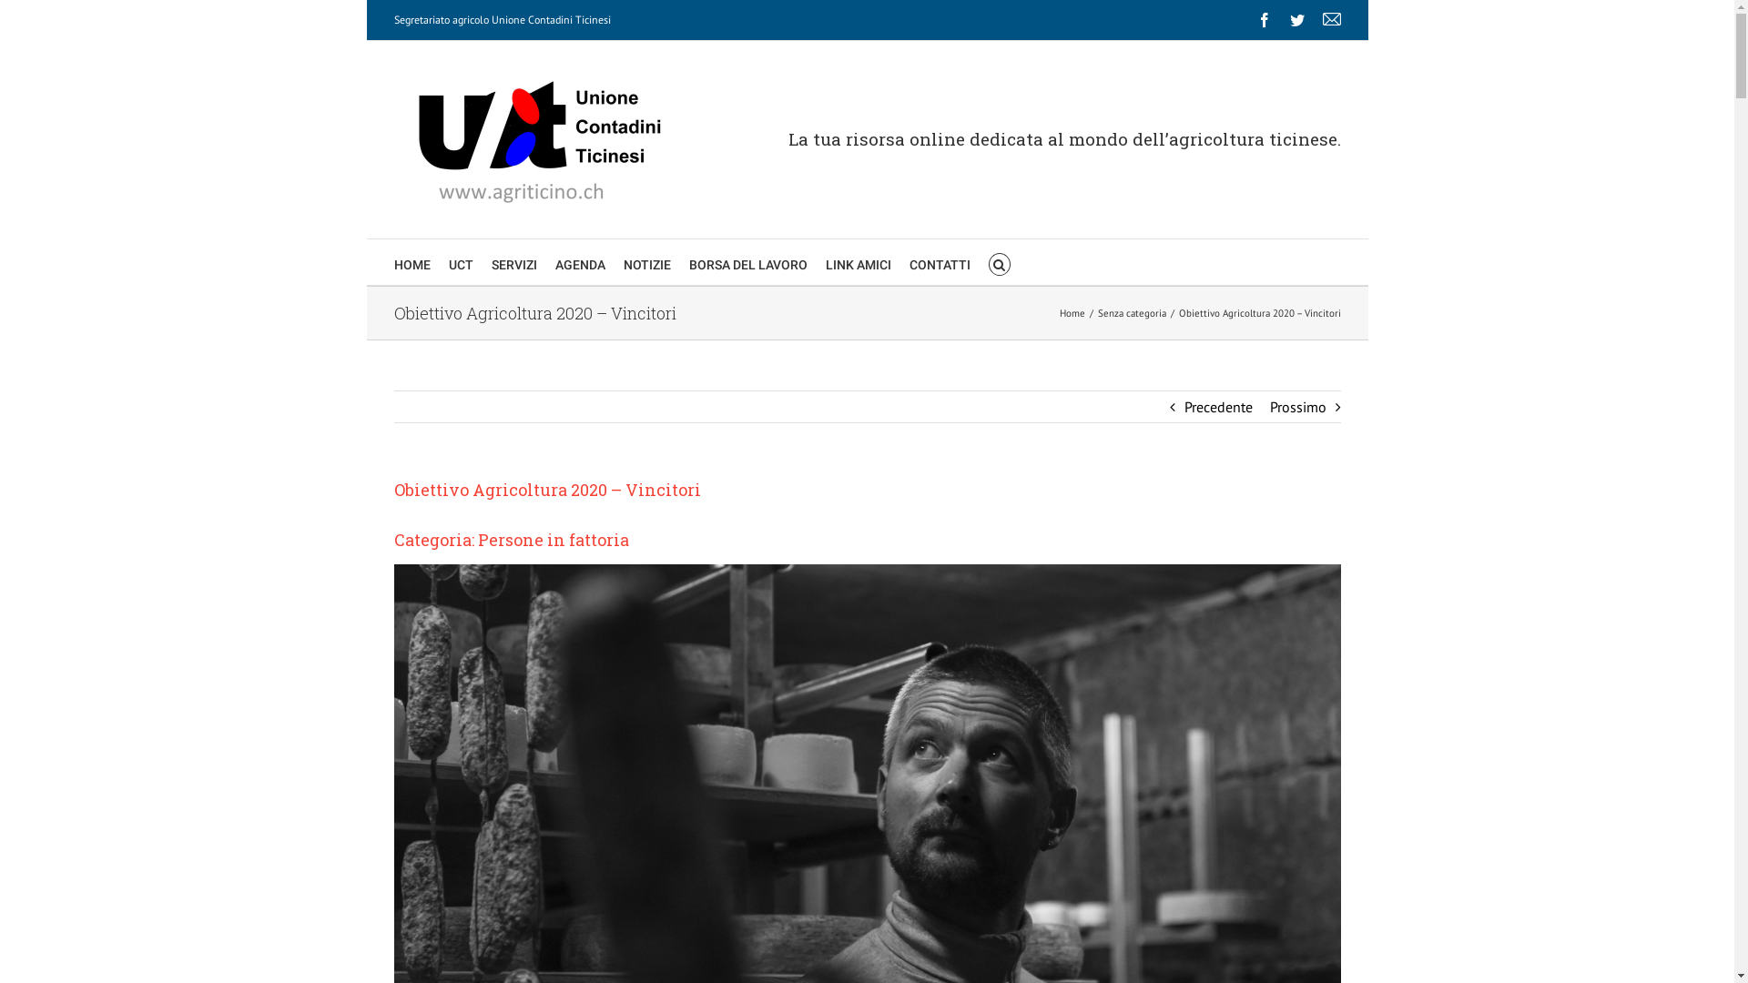 The image size is (1748, 983). Describe the element at coordinates (579, 262) in the screenshot. I see `'AGENDA'` at that location.